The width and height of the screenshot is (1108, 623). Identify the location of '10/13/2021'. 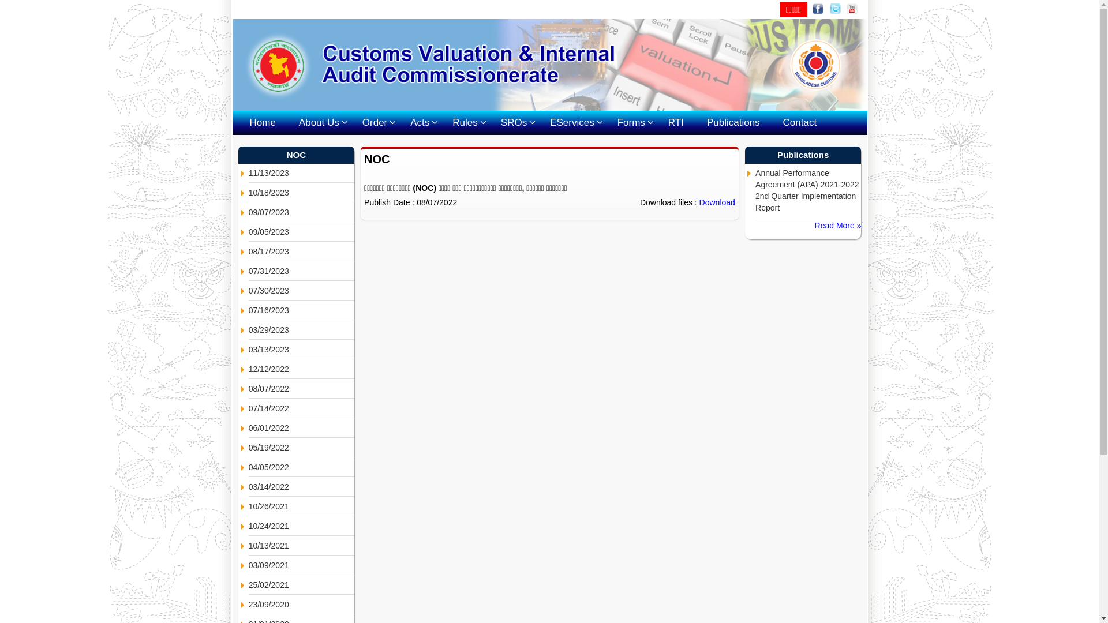
(248, 545).